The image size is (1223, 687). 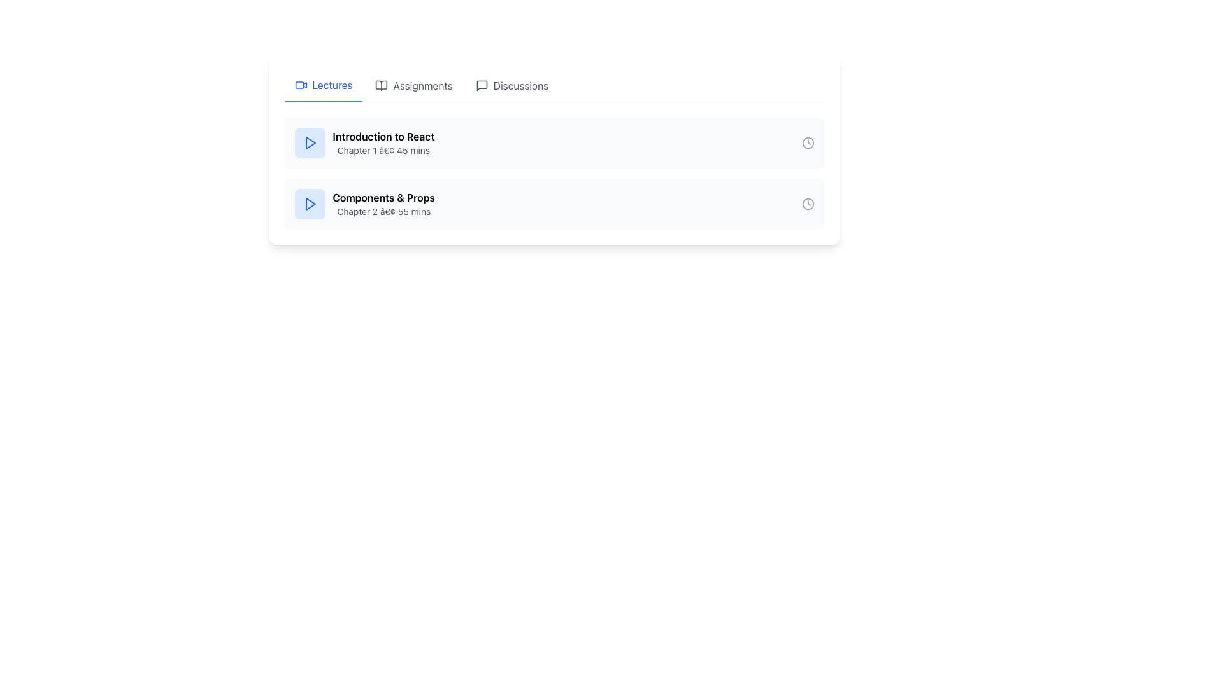 What do you see at coordinates (807, 203) in the screenshot?
I see `the circular icon with a thin outline located at the center of the clock-shaped icon, which symbolizes a time or duration feature, near the right side of the 'Introduction to React' item in the list` at bounding box center [807, 203].